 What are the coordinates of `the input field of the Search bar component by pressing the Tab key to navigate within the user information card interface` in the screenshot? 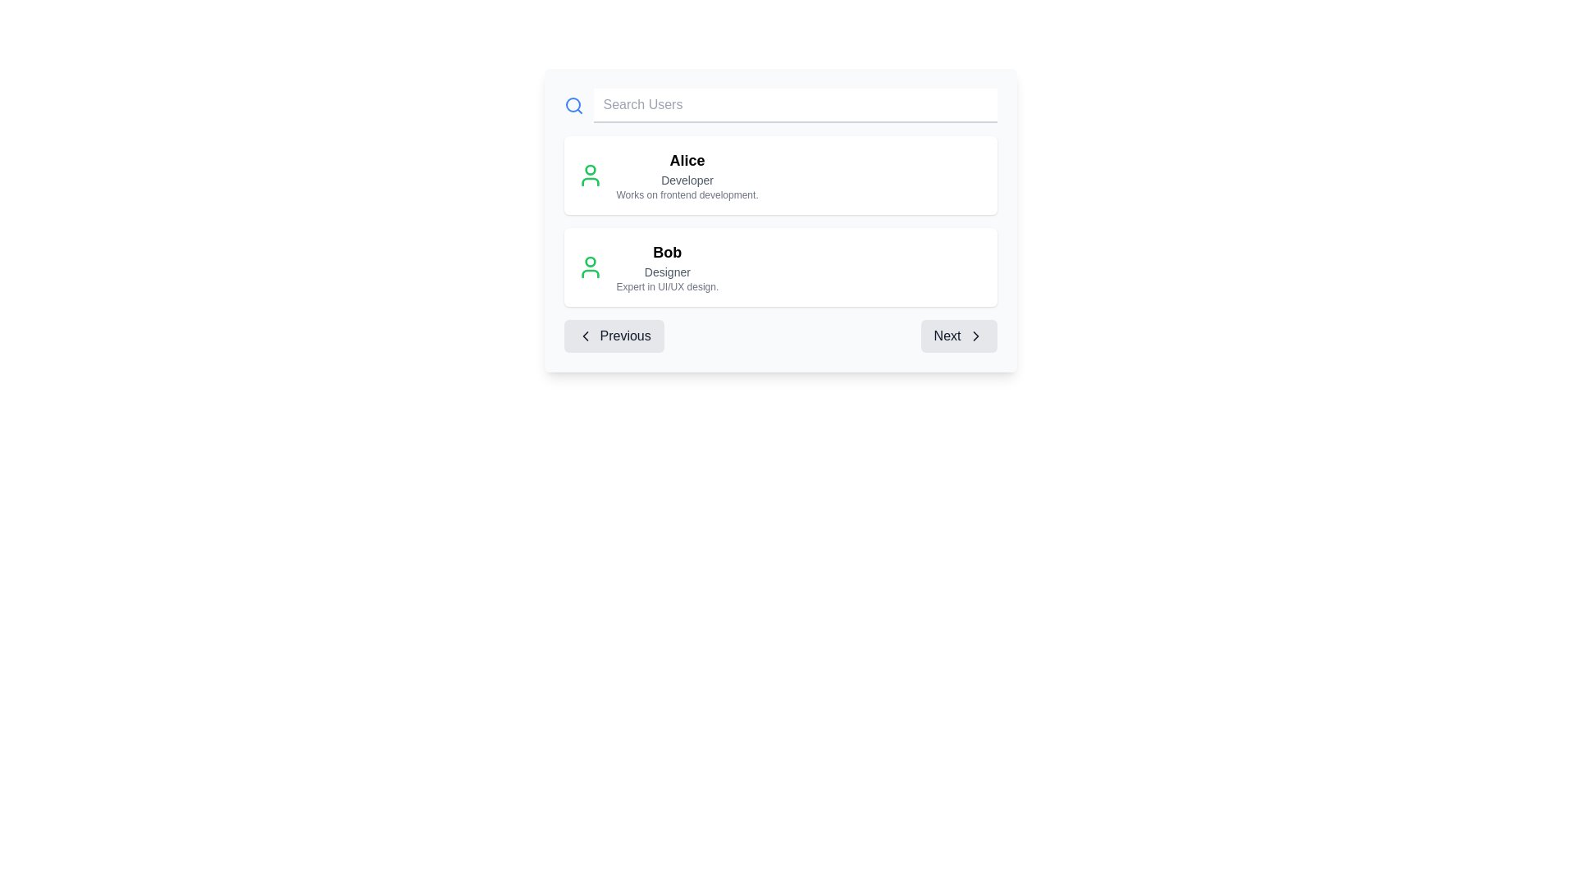 It's located at (779, 105).